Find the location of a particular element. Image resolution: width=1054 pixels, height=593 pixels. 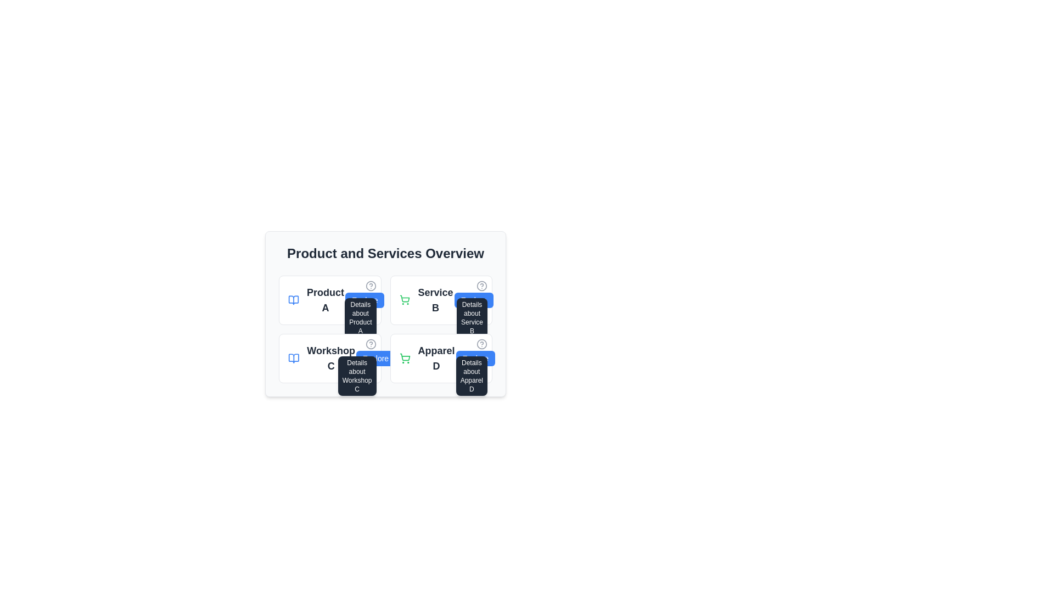

the text element displaying 'Apparel D' located in the bottom right quadrant of the 'Product and Services Overview' layout, emphasized in large, bold, dark gray font is located at coordinates (436, 358).